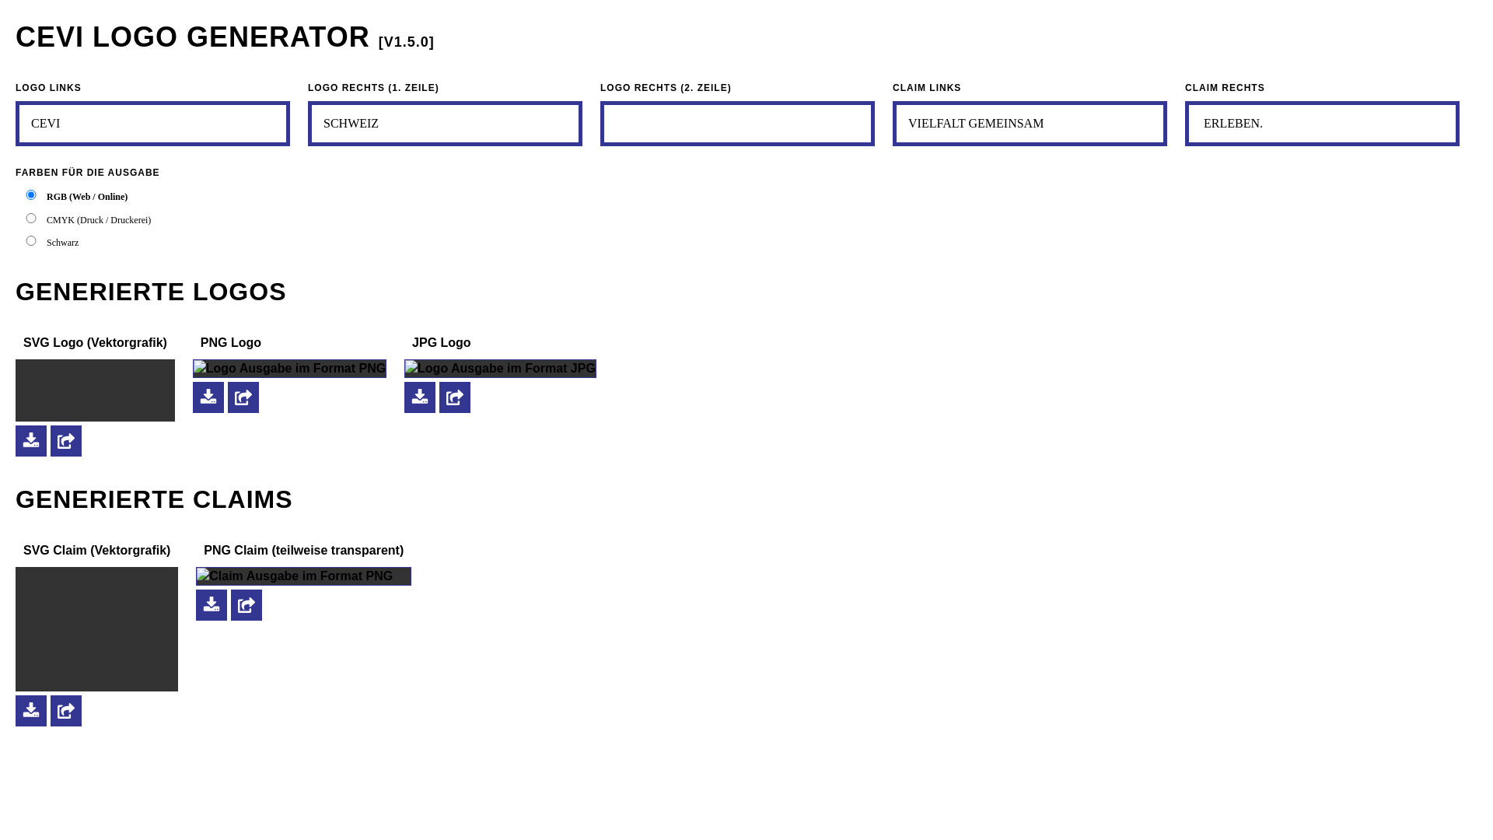 This screenshot has height=840, width=1493. What do you see at coordinates (65, 711) in the screenshot?
I see `'Share SVG Claim'` at bounding box center [65, 711].